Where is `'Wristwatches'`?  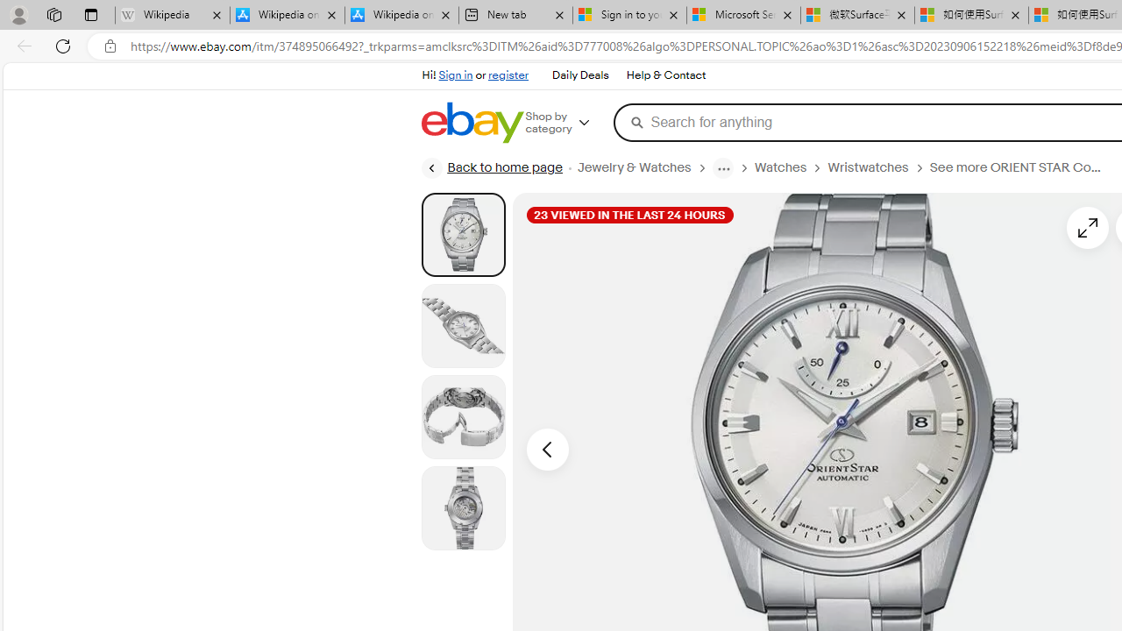
'Wristwatches' is located at coordinates (868, 167).